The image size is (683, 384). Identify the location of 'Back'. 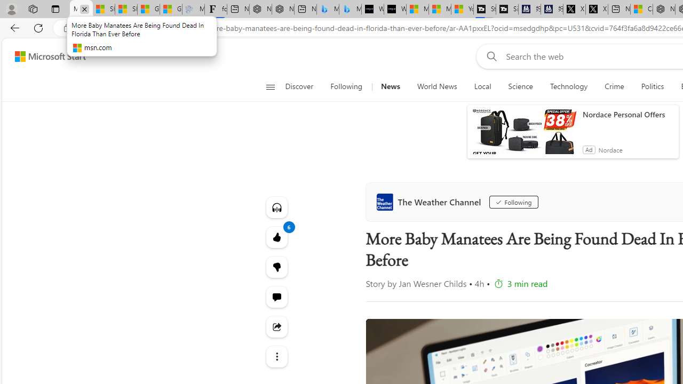
(13, 27).